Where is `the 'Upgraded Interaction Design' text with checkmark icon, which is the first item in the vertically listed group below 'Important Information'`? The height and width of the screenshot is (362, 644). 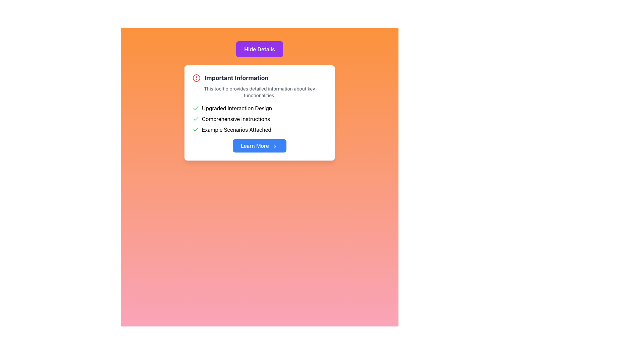
the 'Upgraded Interaction Design' text with checkmark icon, which is the first item in the vertically listed group below 'Important Information' is located at coordinates (259, 108).